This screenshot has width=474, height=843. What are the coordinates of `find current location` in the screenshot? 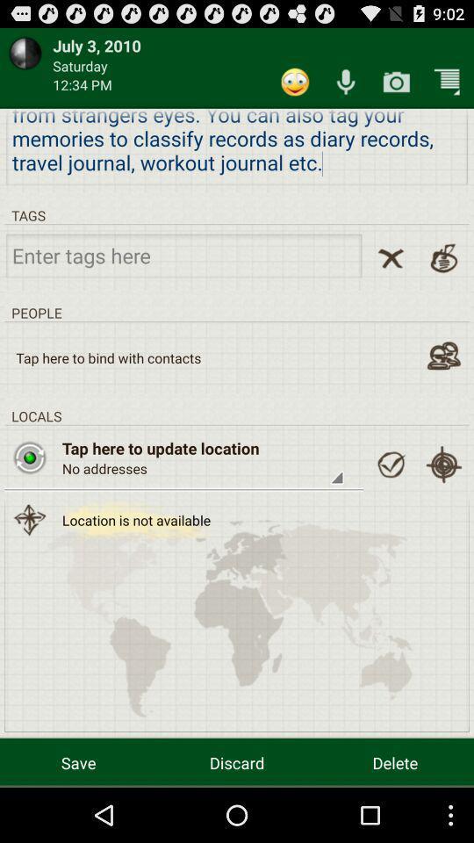 It's located at (442, 464).